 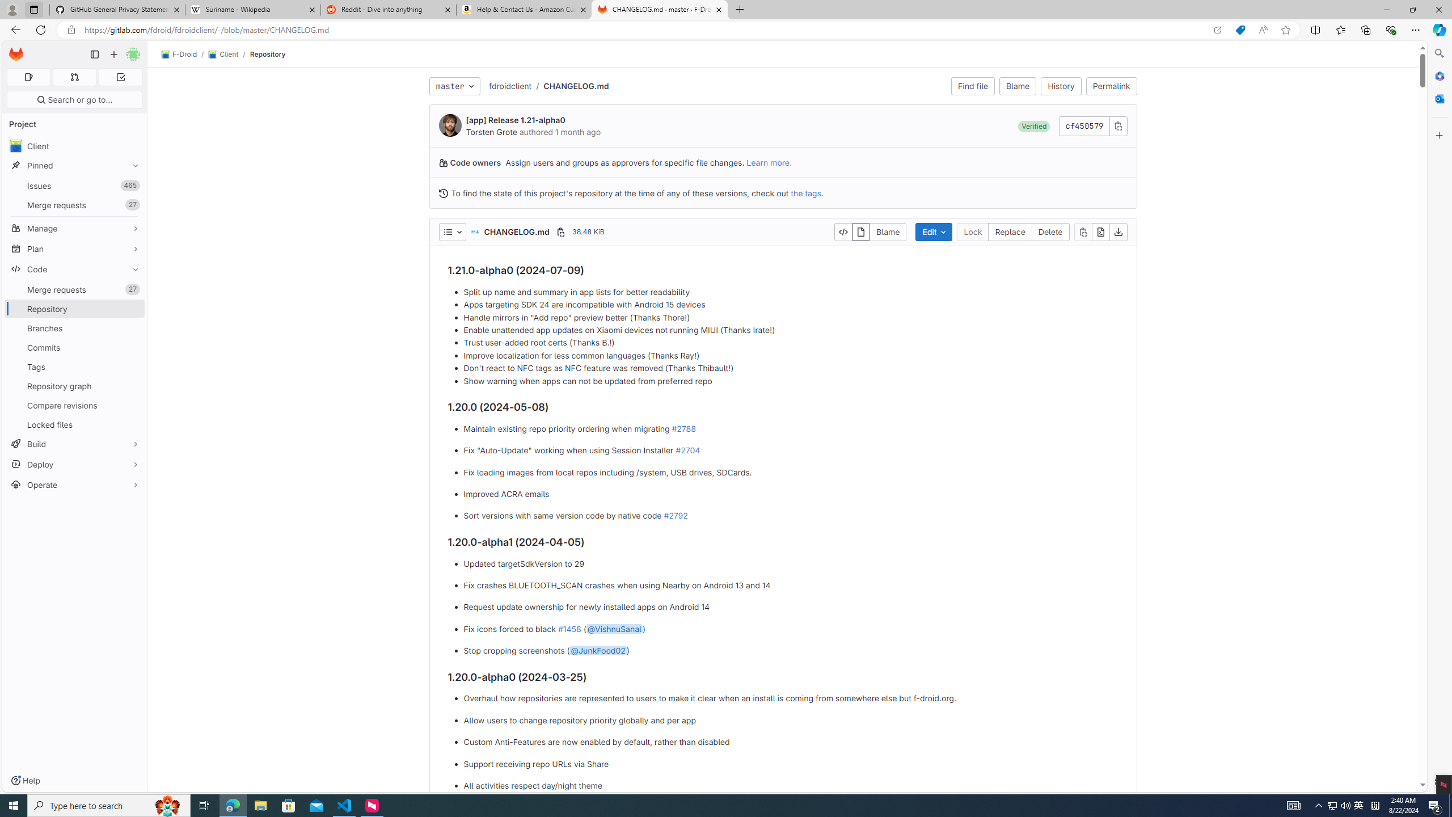 What do you see at coordinates (74, 228) in the screenshot?
I see `'Manage'` at bounding box center [74, 228].